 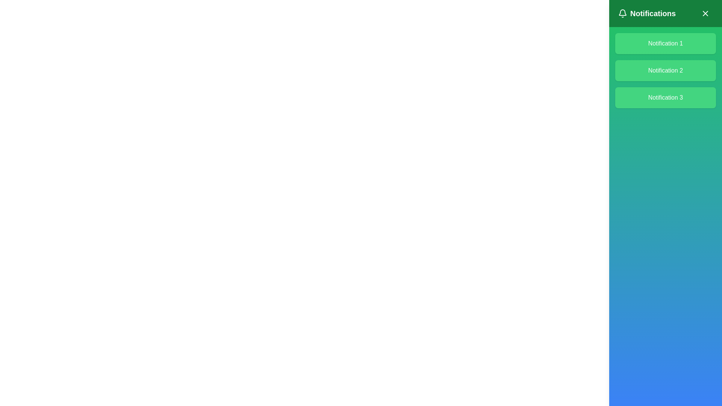 I want to click on the close button in the top-right corner of the green header bar labeled 'Notifications', so click(x=705, y=13).